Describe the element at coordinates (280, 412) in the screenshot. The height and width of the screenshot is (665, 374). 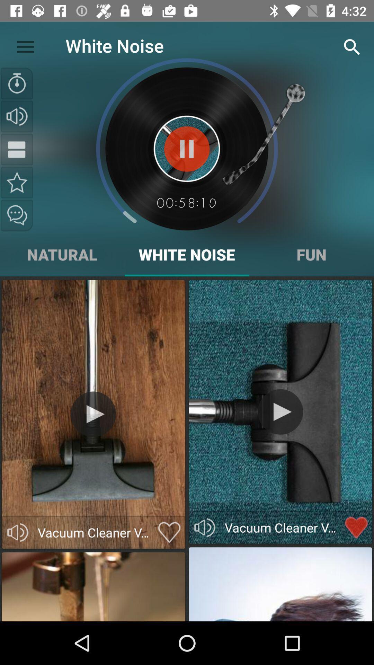
I see `video` at that location.